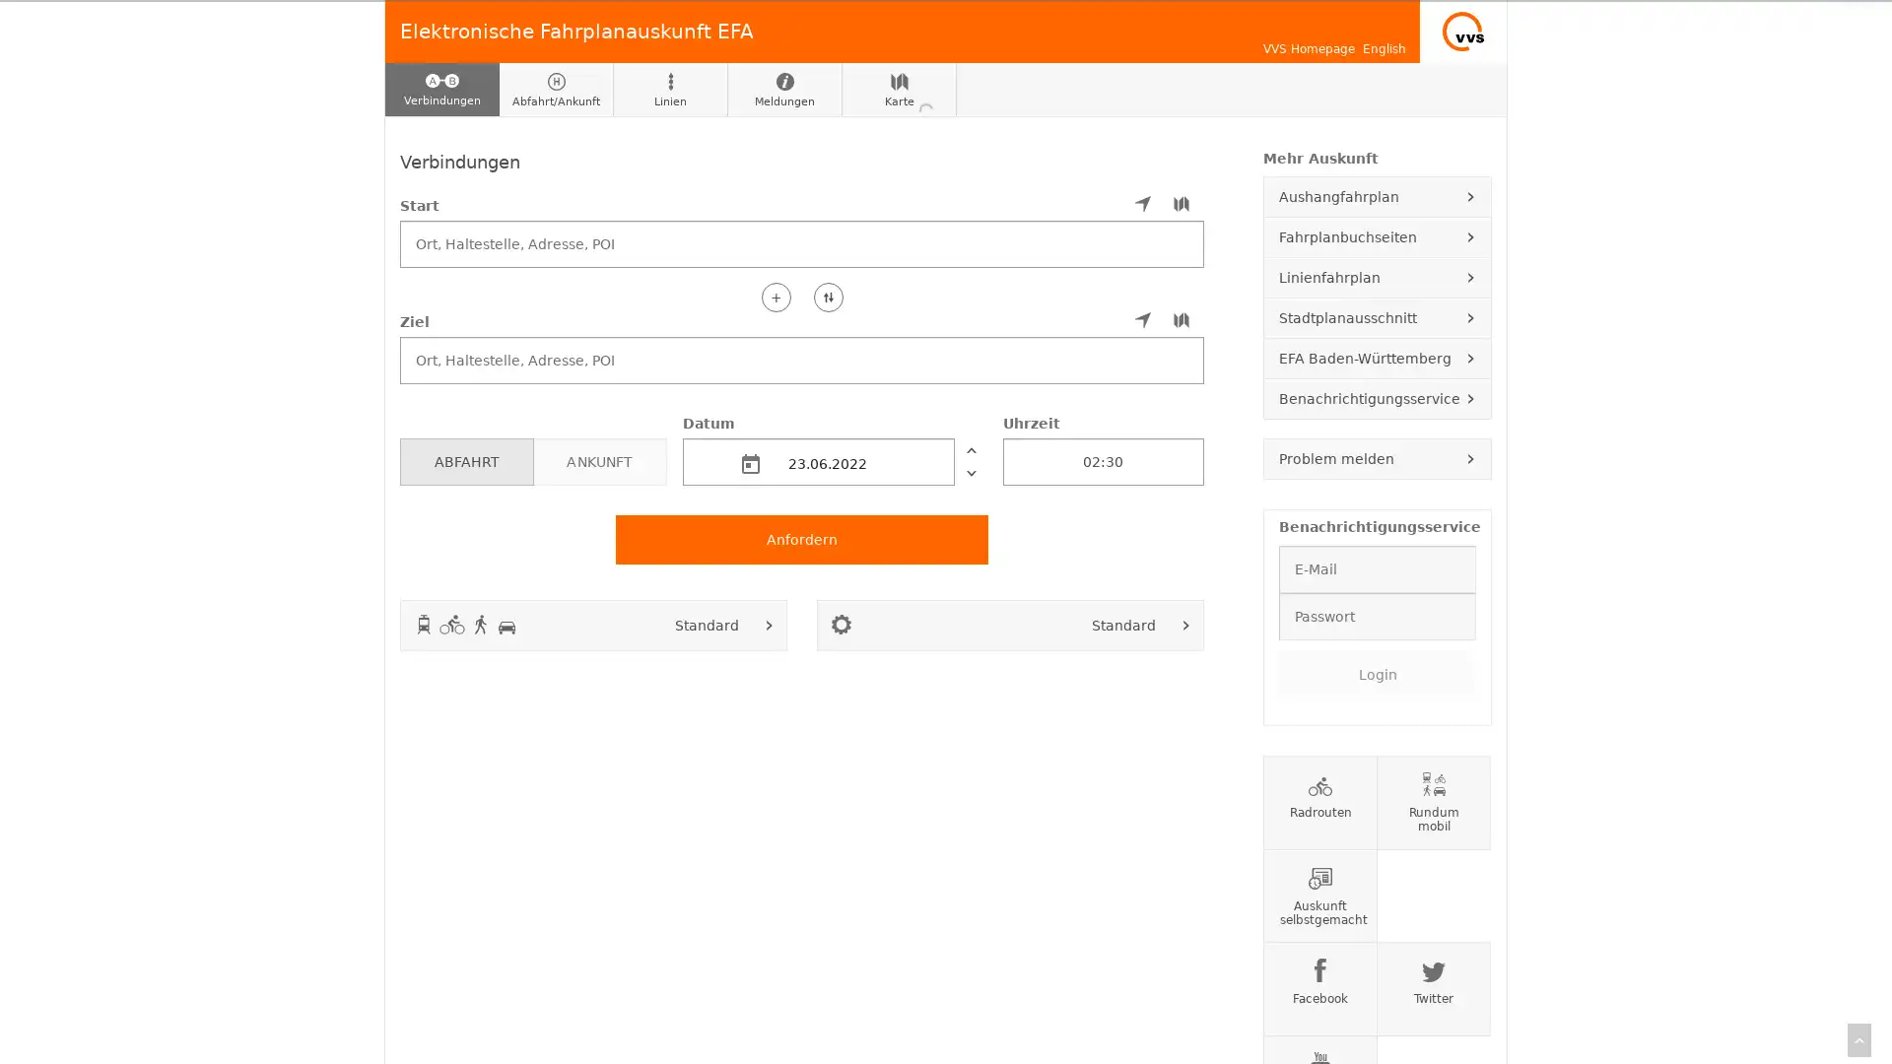 The height and width of the screenshot is (1064, 1892). I want to click on md-calendar, so click(750, 463).